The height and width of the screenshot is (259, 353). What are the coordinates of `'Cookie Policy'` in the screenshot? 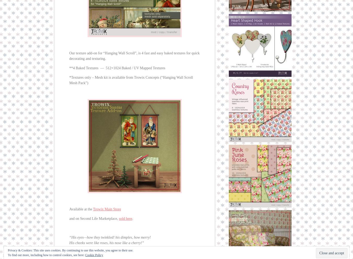 It's located at (85, 255).